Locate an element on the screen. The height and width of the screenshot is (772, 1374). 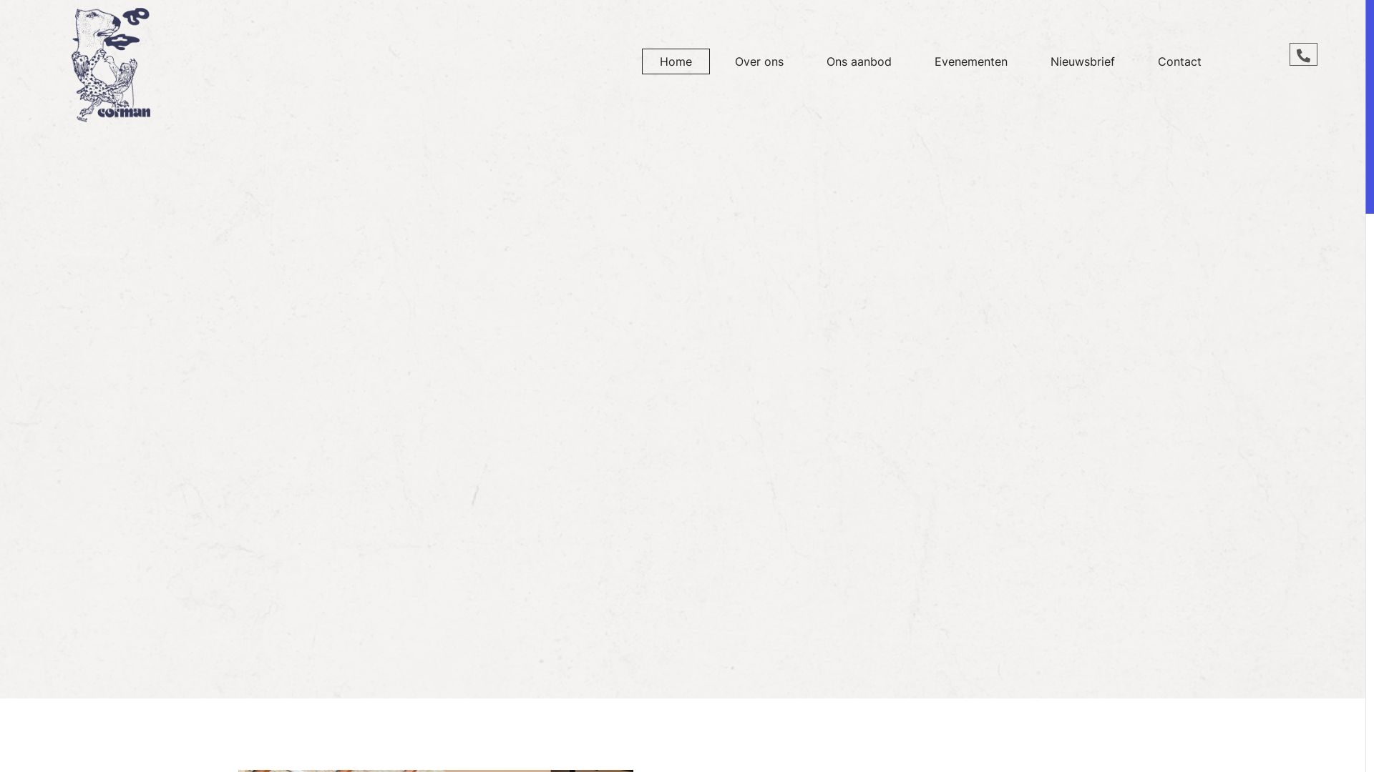
'Nieuwsbrief' is located at coordinates (1082, 60).